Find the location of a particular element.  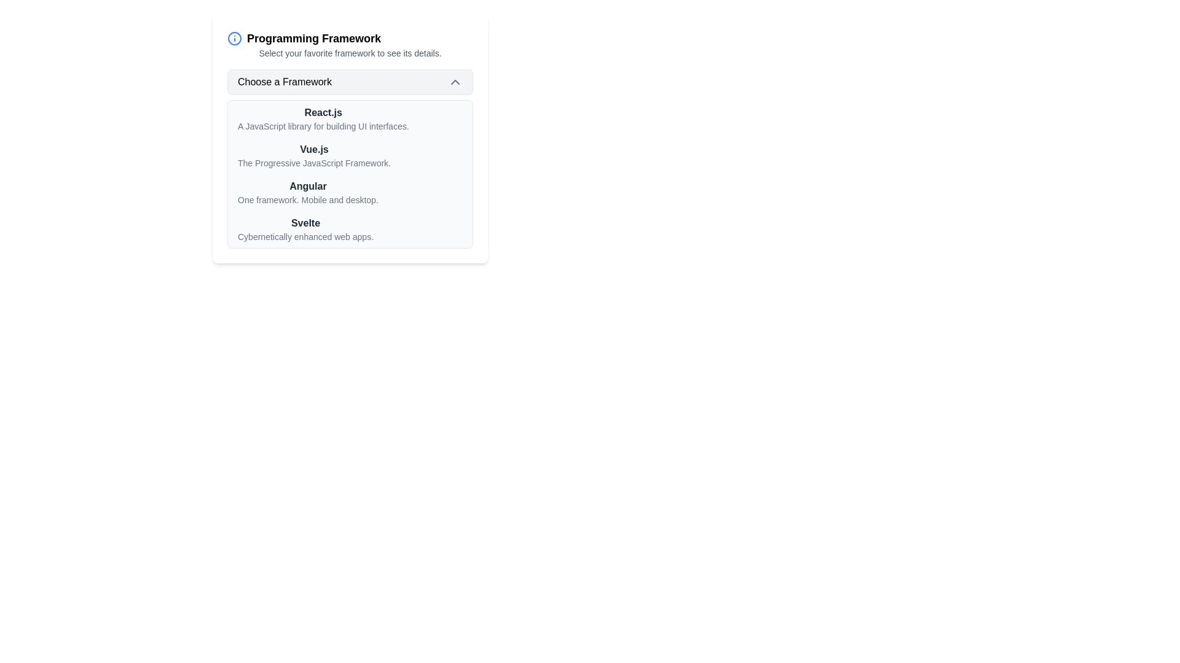

the descriptive text element located below the 'Angular' label, which emphasizes Angular's cross-platform capabilities for mobile and desktop development is located at coordinates (308, 200).